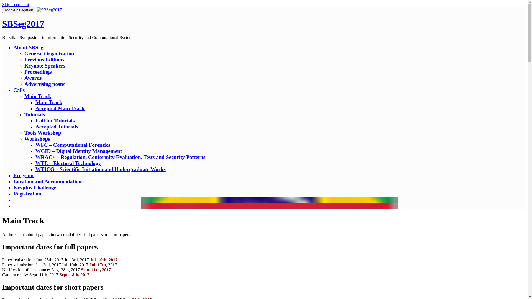 This screenshot has height=299, width=532. What do you see at coordinates (19, 10) in the screenshot?
I see `'Toggle navigation'` at bounding box center [19, 10].